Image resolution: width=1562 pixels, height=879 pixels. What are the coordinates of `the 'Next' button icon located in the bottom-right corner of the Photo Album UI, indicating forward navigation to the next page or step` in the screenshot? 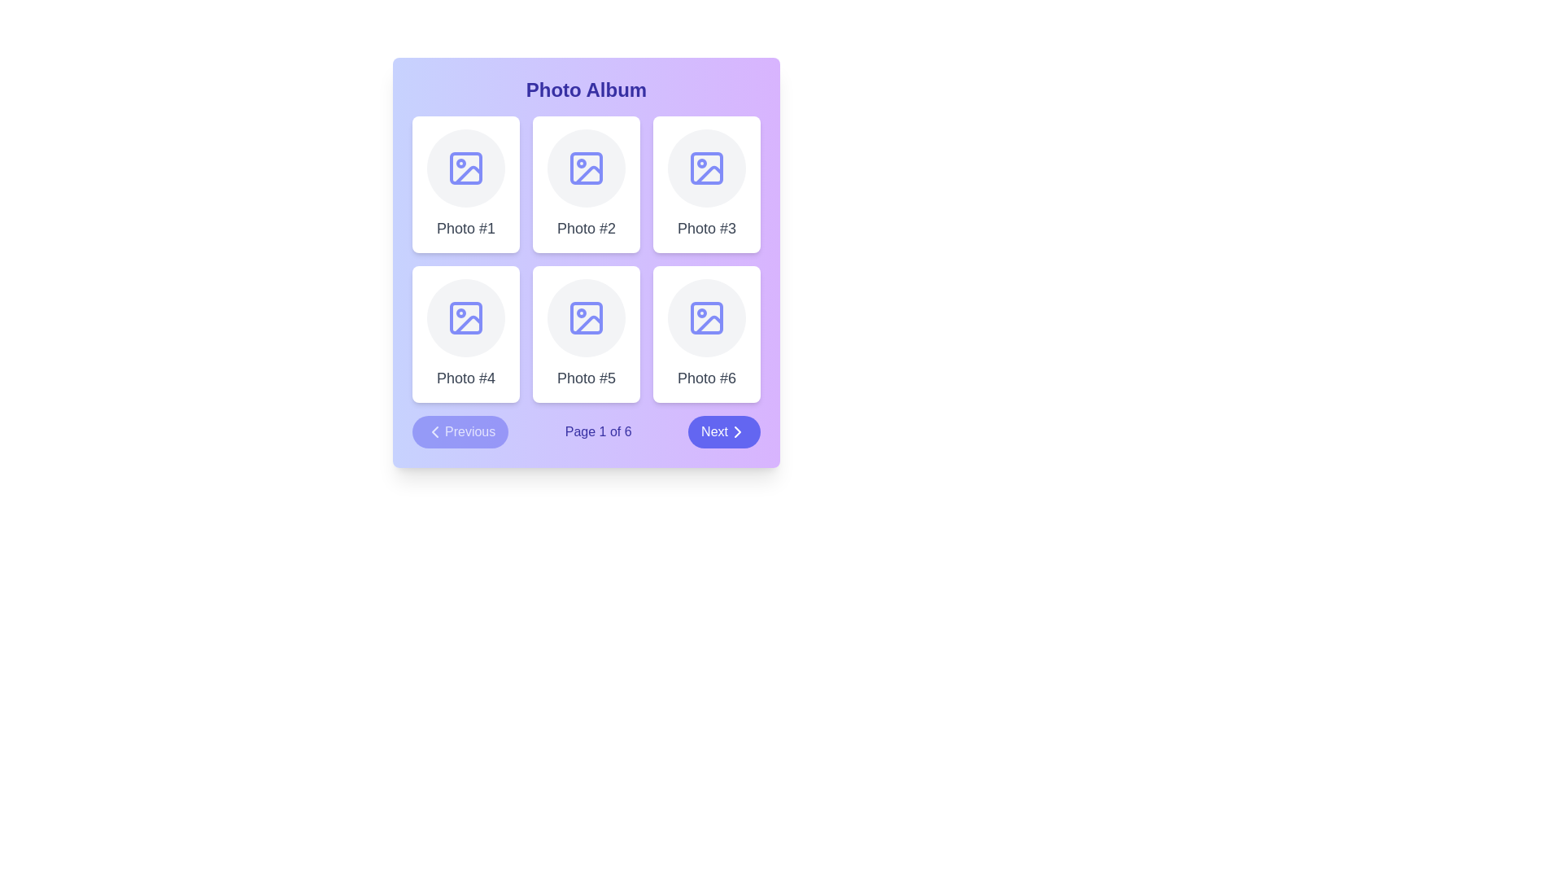 It's located at (737, 431).